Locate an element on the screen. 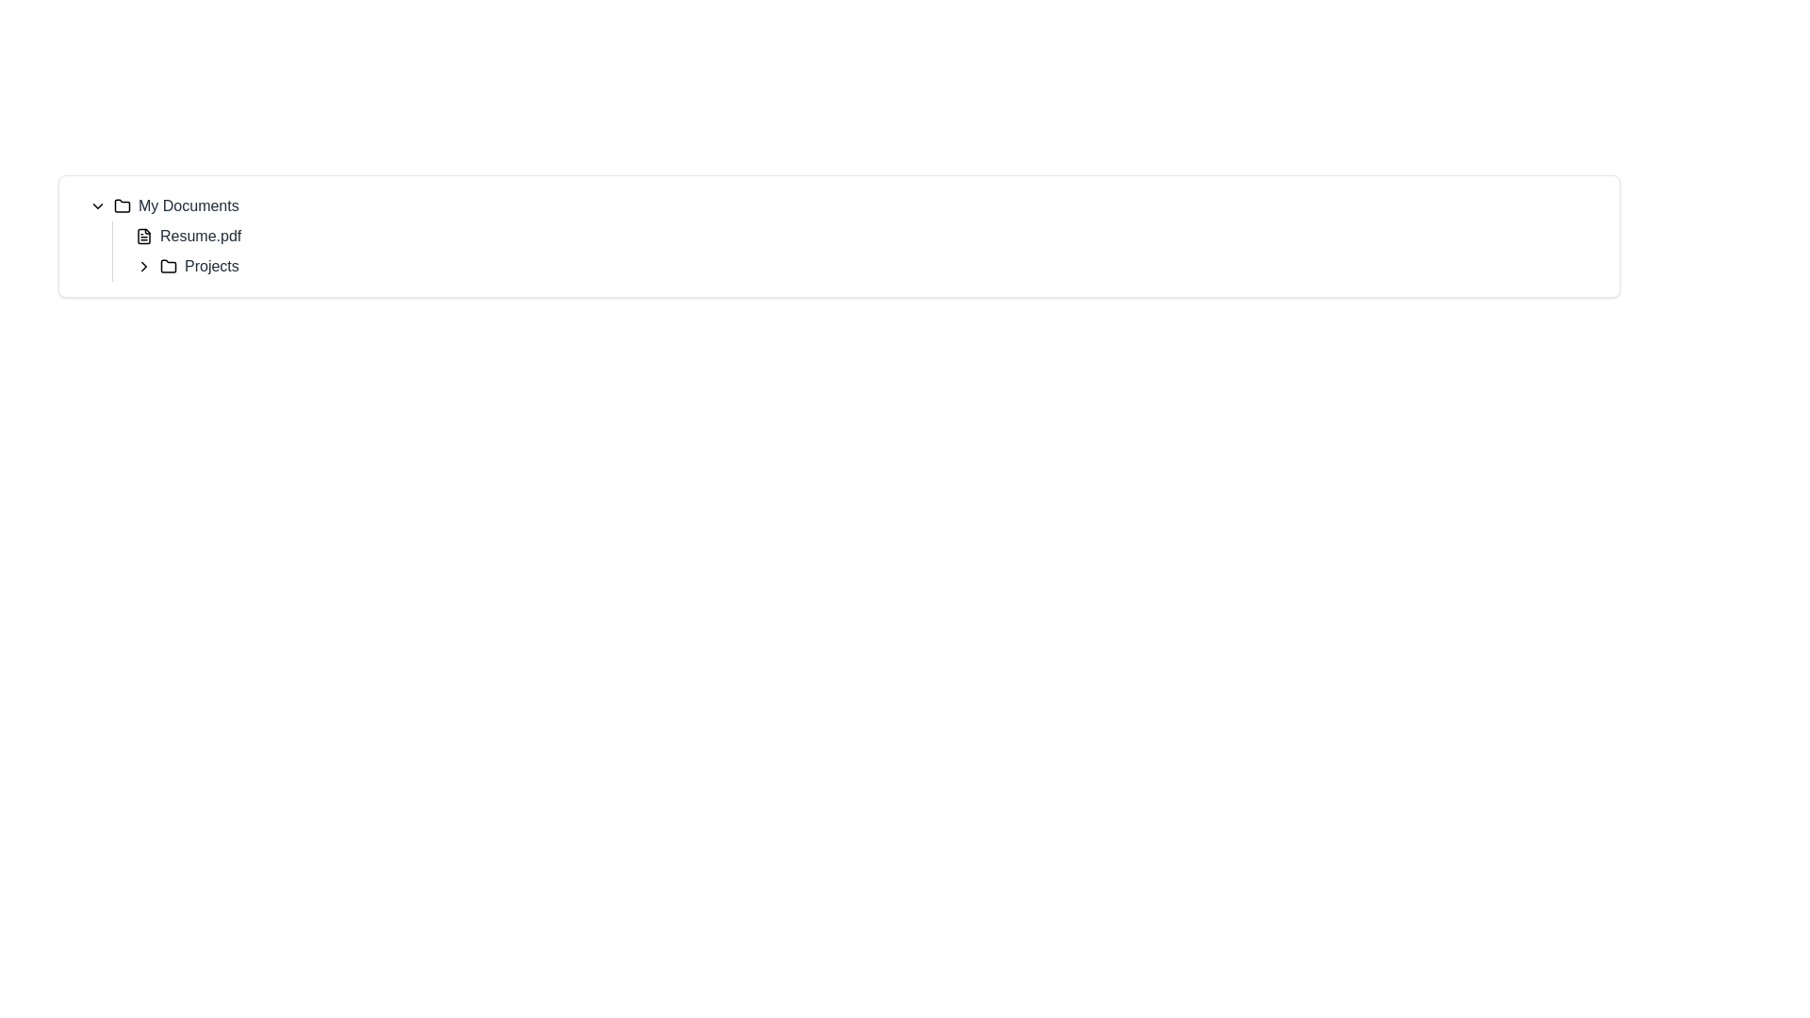 The image size is (1810, 1018). the small right-facing chevron icon next to the 'Projects' folder entry in the hierarchical list under 'My Documents' is located at coordinates (143, 266).